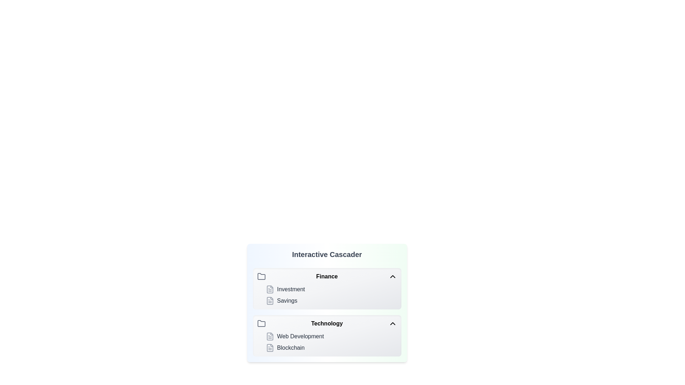  Describe the element at coordinates (269, 347) in the screenshot. I see `the icon representing a document or file under the 'Technology' category in the cascade menu, following the 'Web Development' option and associated with the 'Blockchain' label` at that location.